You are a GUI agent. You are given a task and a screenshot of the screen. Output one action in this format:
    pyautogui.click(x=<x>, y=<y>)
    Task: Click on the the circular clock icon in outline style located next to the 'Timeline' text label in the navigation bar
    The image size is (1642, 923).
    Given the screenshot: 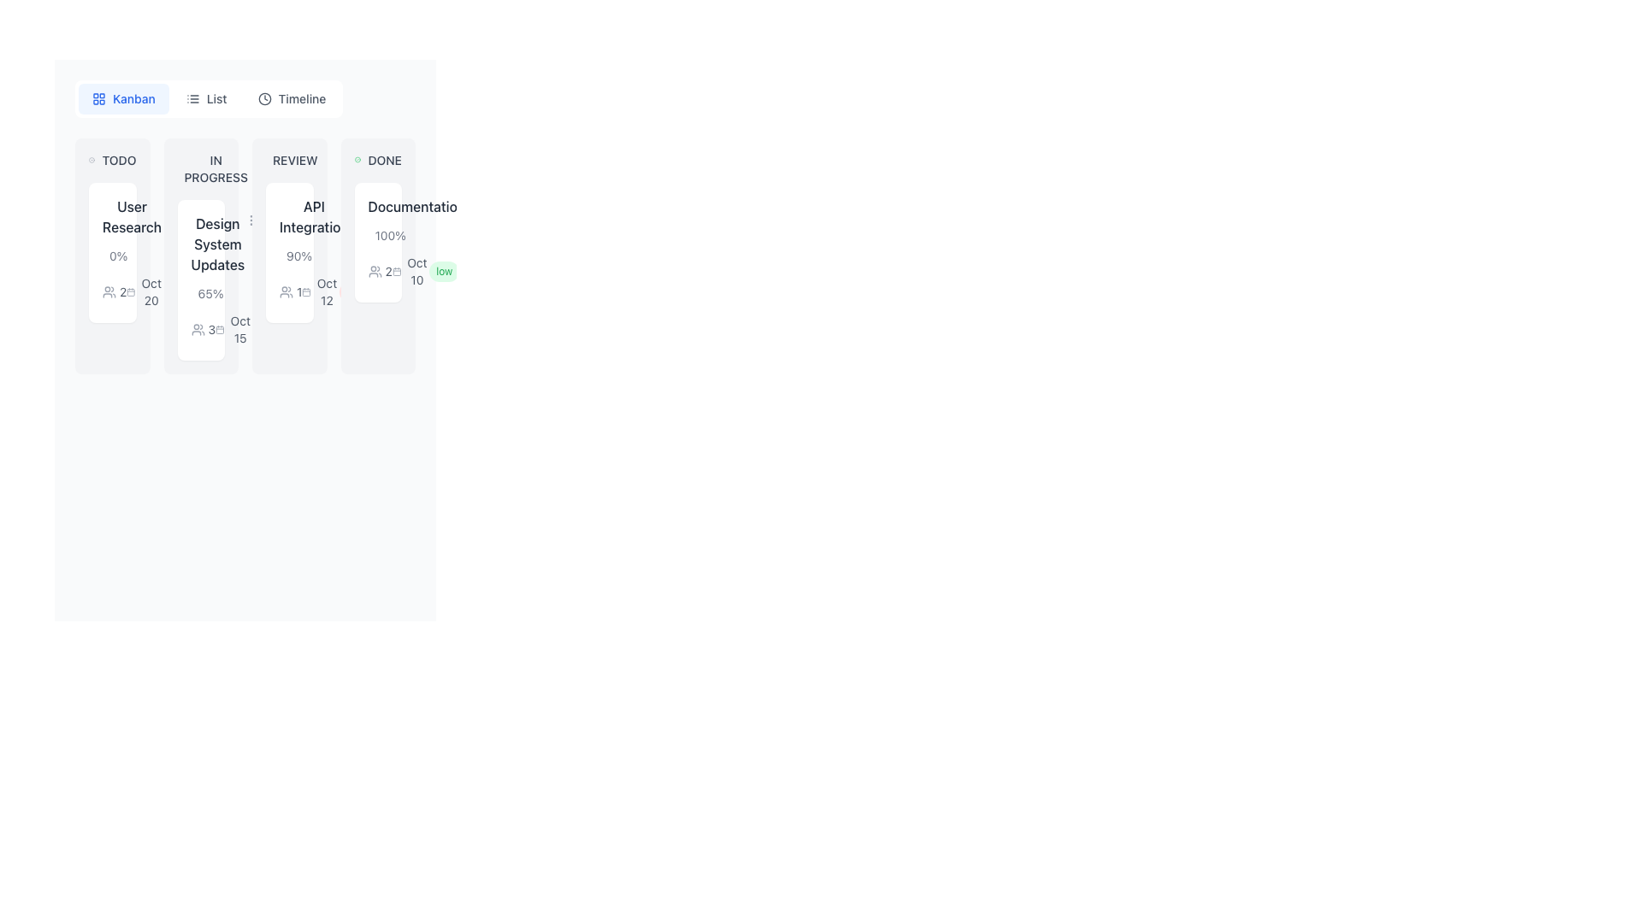 What is the action you would take?
    pyautogui.click(x=263, y=98)
    